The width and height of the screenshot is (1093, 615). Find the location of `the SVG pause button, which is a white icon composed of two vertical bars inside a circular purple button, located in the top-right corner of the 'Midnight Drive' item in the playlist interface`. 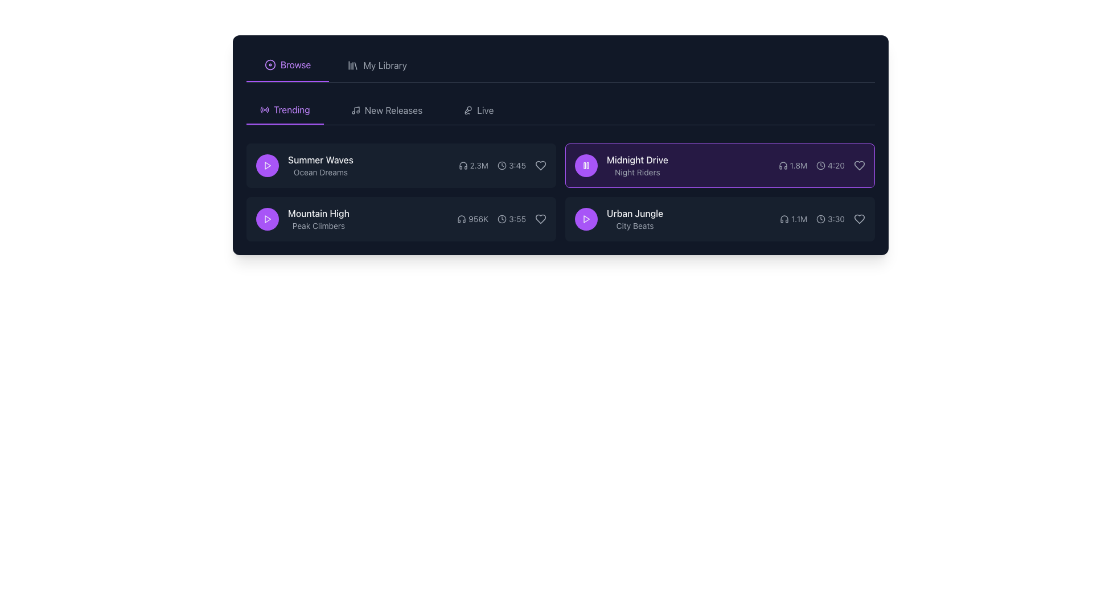

the SVG pause button, which is a white icon composed of two vertical bars inside a circular purple button, located in the top-right corner of the 'Midnight Drive' item in the playlist interface is located at coordinates (586, 165).